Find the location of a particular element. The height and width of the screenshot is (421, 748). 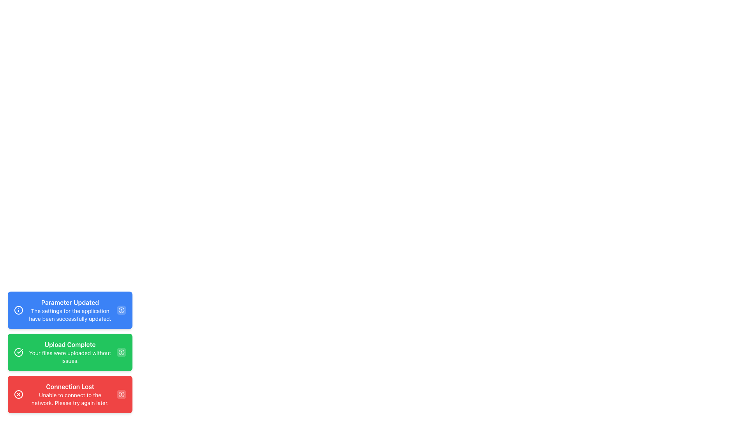

the message box displaying a warning with a red background and white text that reads 'Connection Lost' and 'Unable to connect to the network. Please try again later.' is located at coordinates (70, 394).